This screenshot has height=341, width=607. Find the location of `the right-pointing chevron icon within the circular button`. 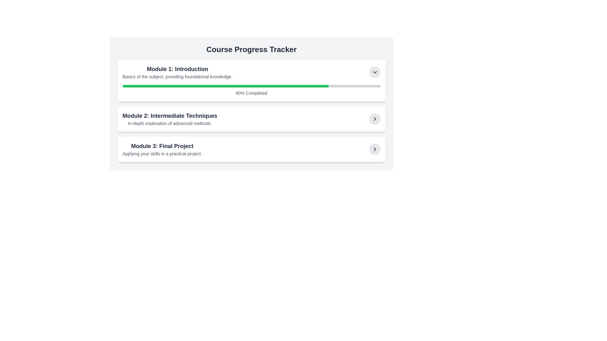

the right-pointing chevron icon within the circular button is located at coordinates (375, 119).